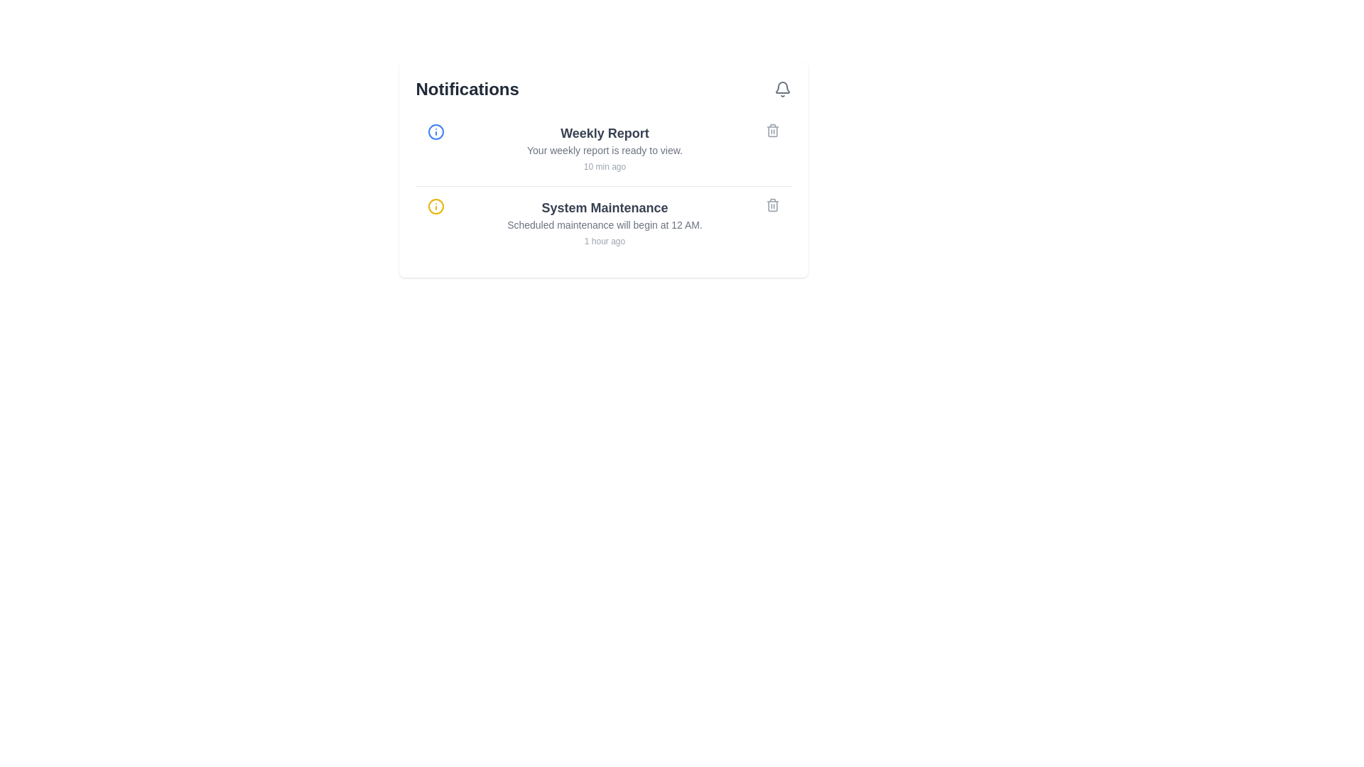  What do you see at coordinates (467, 89) in the screenshot?
I see `the prominent bold text label 'Notifications' located at the top of the notification panel` at bounding box center [467, 89].